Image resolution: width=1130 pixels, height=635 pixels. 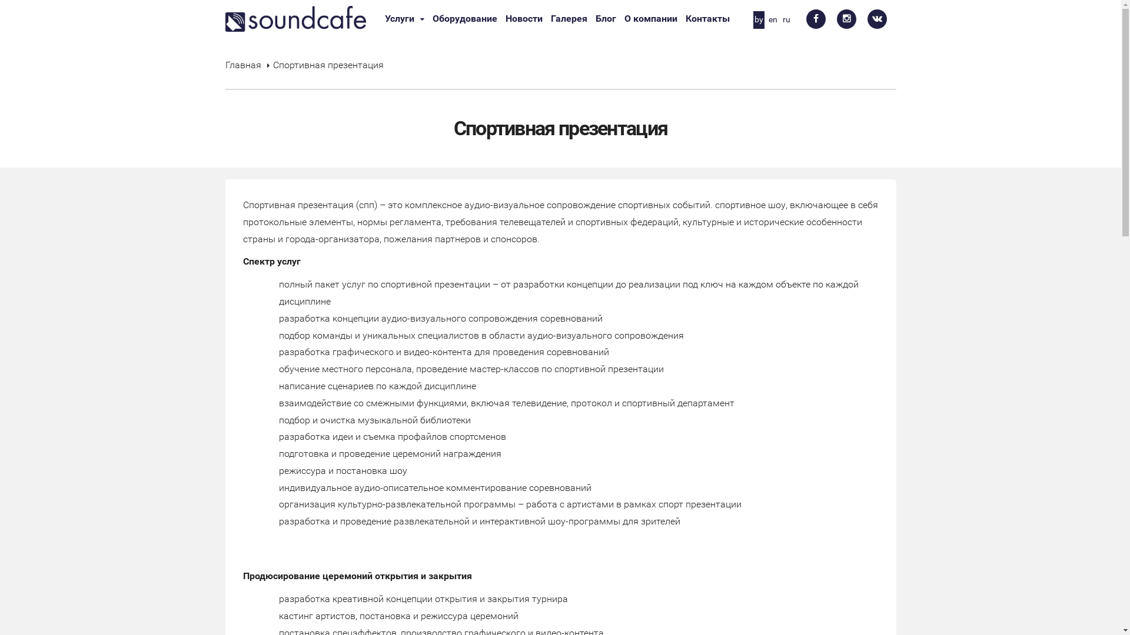 I want to click on 'ru', so click(x=786, y=19).